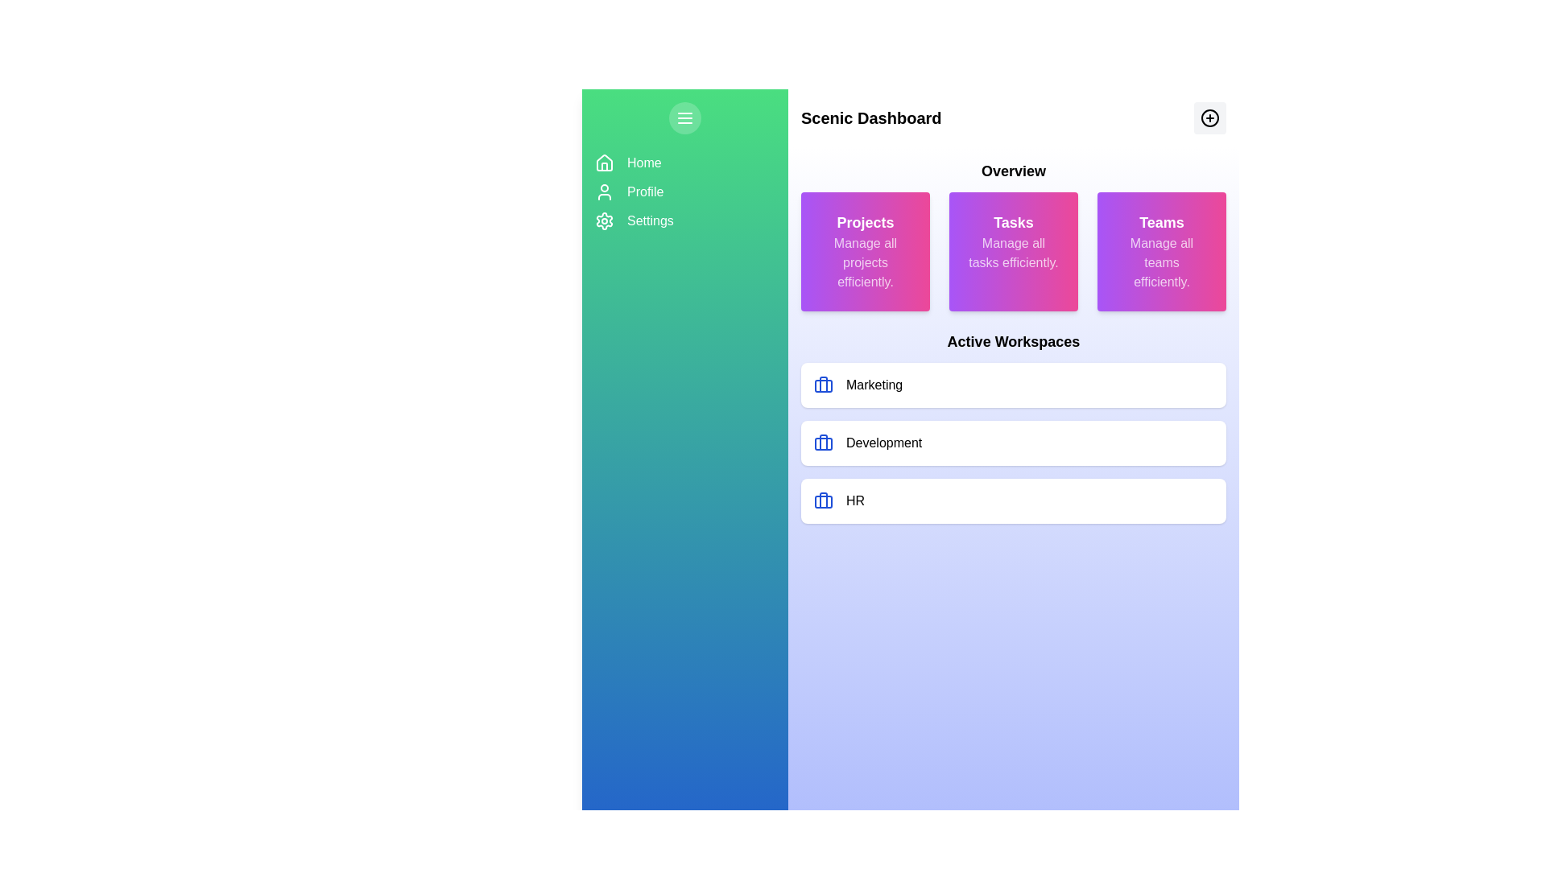 This screenshot has height=869, width=1546. Describe the element at coordinates (870, 117) in the screenshot. I see `text of the header element located at the top center of the dashboard interface, which serves as the title for the page` at that location.